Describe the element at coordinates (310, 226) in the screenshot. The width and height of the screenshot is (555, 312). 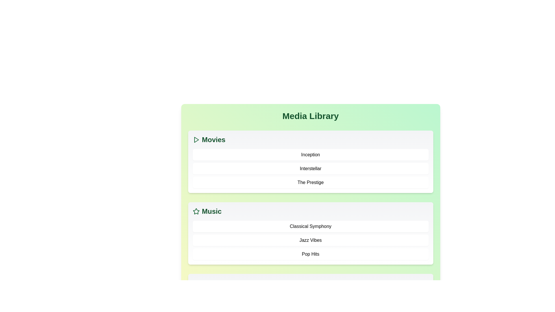
I see `the item Classical Symphony from the Music category` at that location.